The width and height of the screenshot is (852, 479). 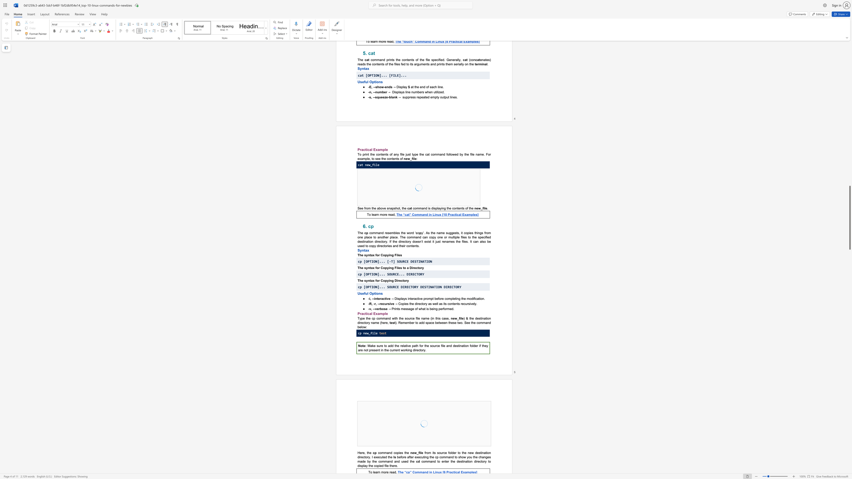 I want to click on the scrollbar to move the page upward, so click(x=849, y=60).